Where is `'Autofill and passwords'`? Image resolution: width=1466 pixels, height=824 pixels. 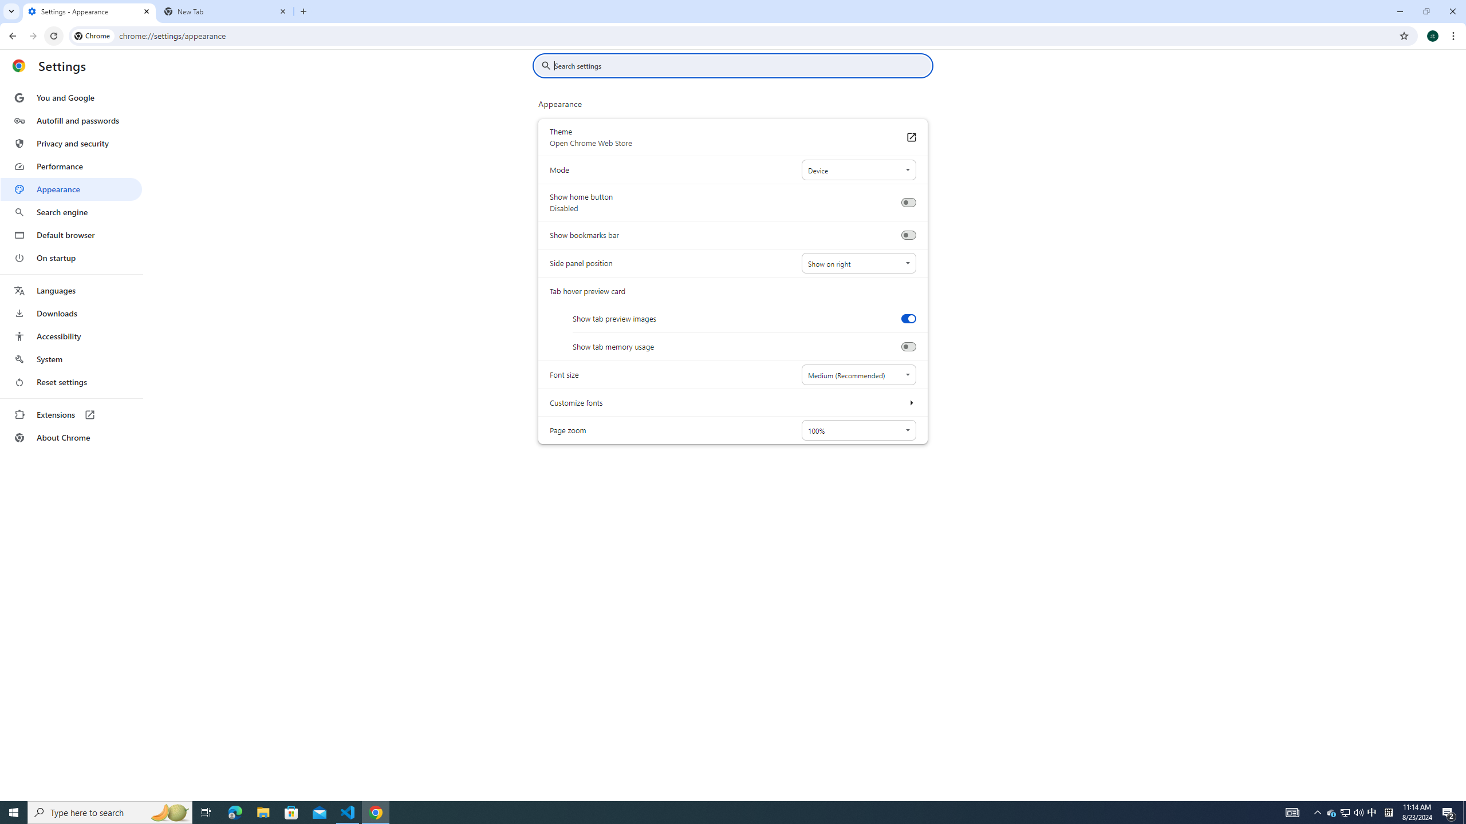
'Autofill and passwords' is located at coordinates (70, 120).